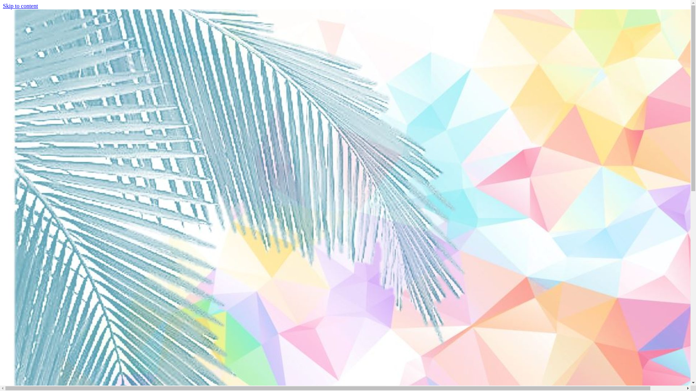 The height and width of the screenshot is (391, 696). Describe the element at coordinates (20, 6) in the screenshot. I see `'Skip to content'` at that location.